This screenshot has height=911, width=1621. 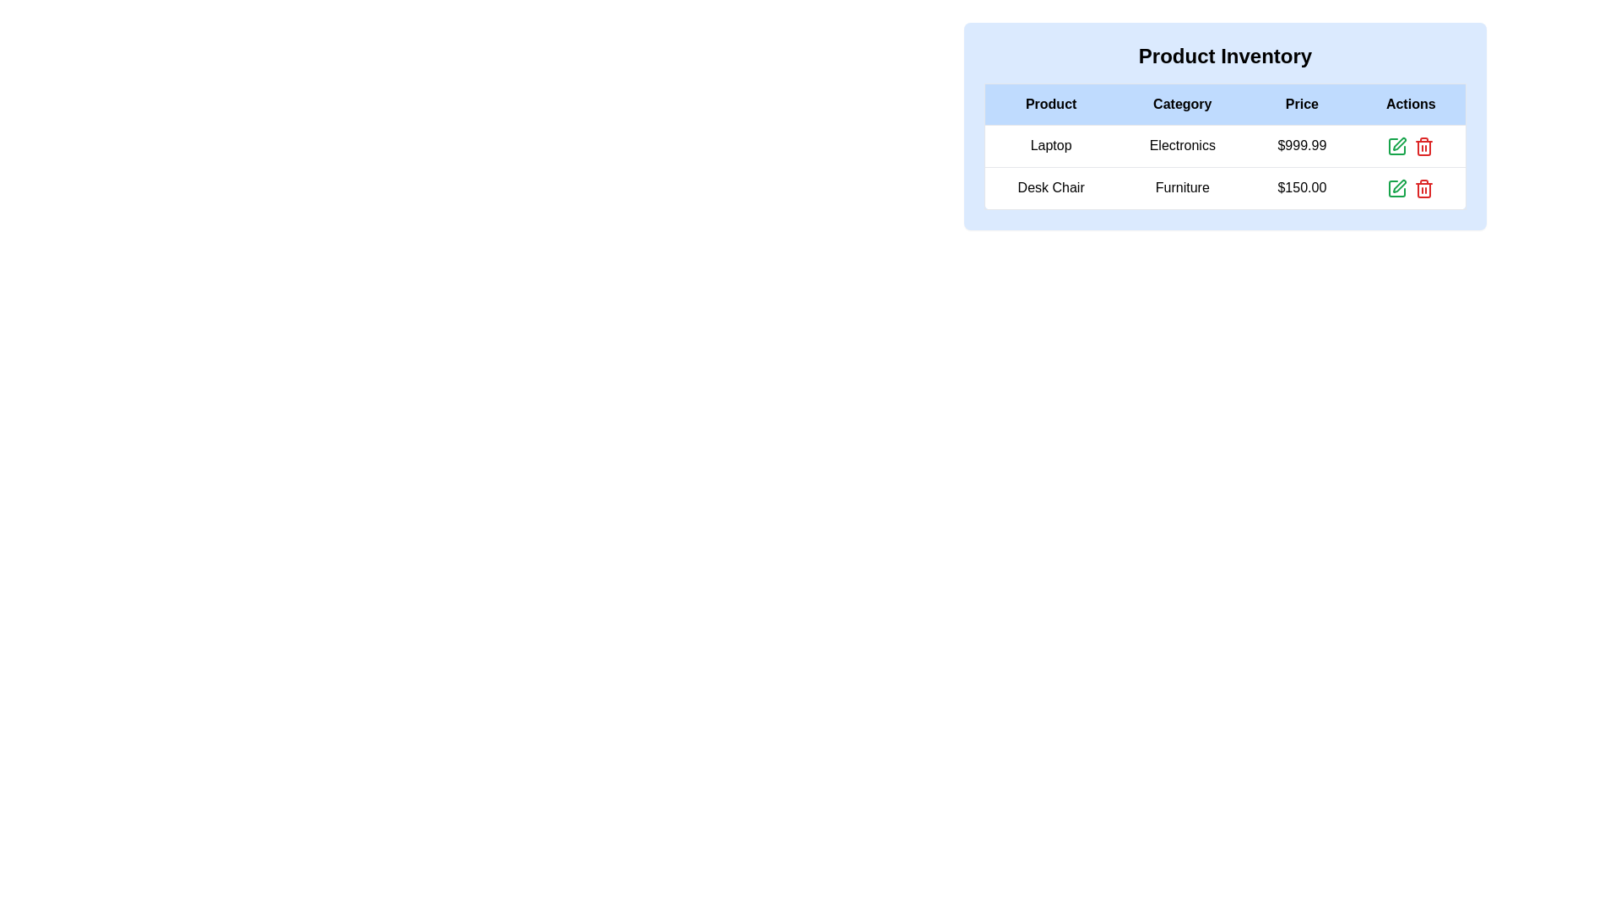 I want to click on the 'Price' column header in the Product Inventory table, which is centrally located in the third cell of the header row, positioned between 'Category' and 'Actions.', so click(x=1301, y=104).